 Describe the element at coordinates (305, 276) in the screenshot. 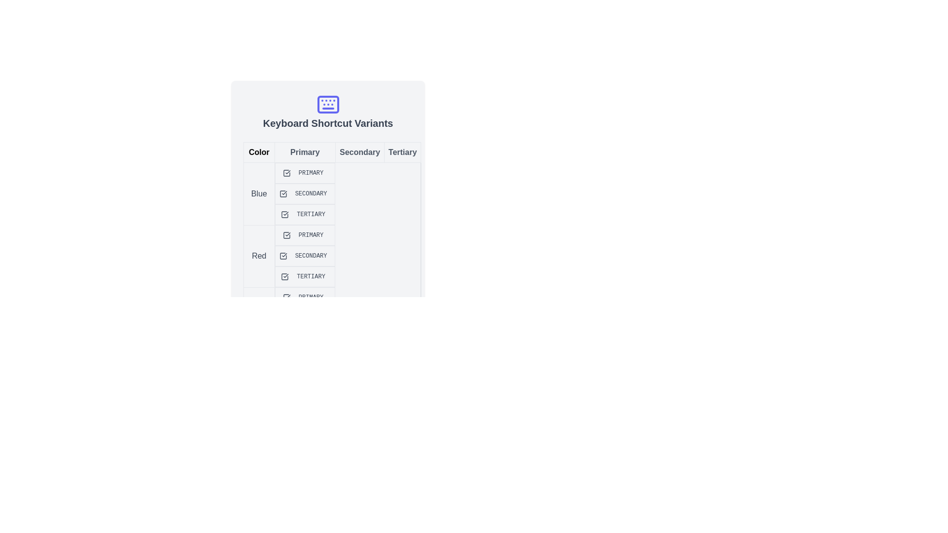

I see `the checkbox labeled 'TERTIARY' with a red background and dark red text` at that location.